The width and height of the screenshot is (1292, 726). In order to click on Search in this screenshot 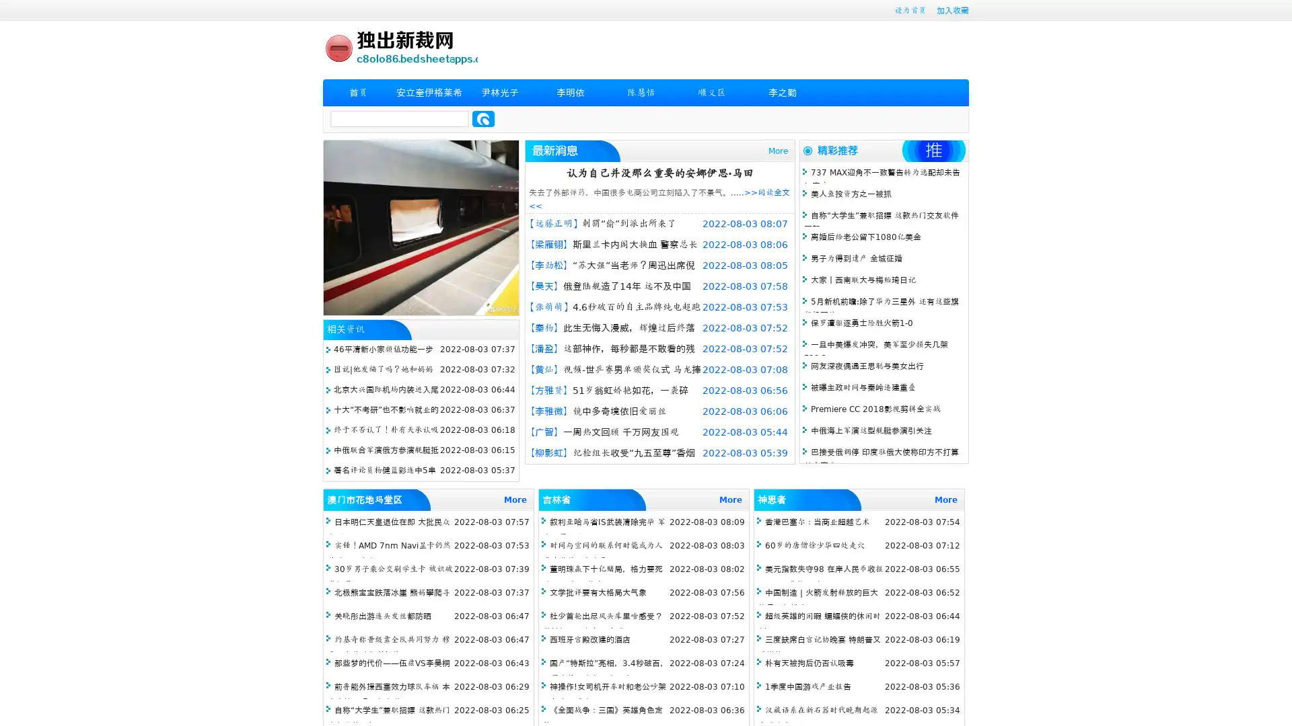, I will do `click(483, 118)`.